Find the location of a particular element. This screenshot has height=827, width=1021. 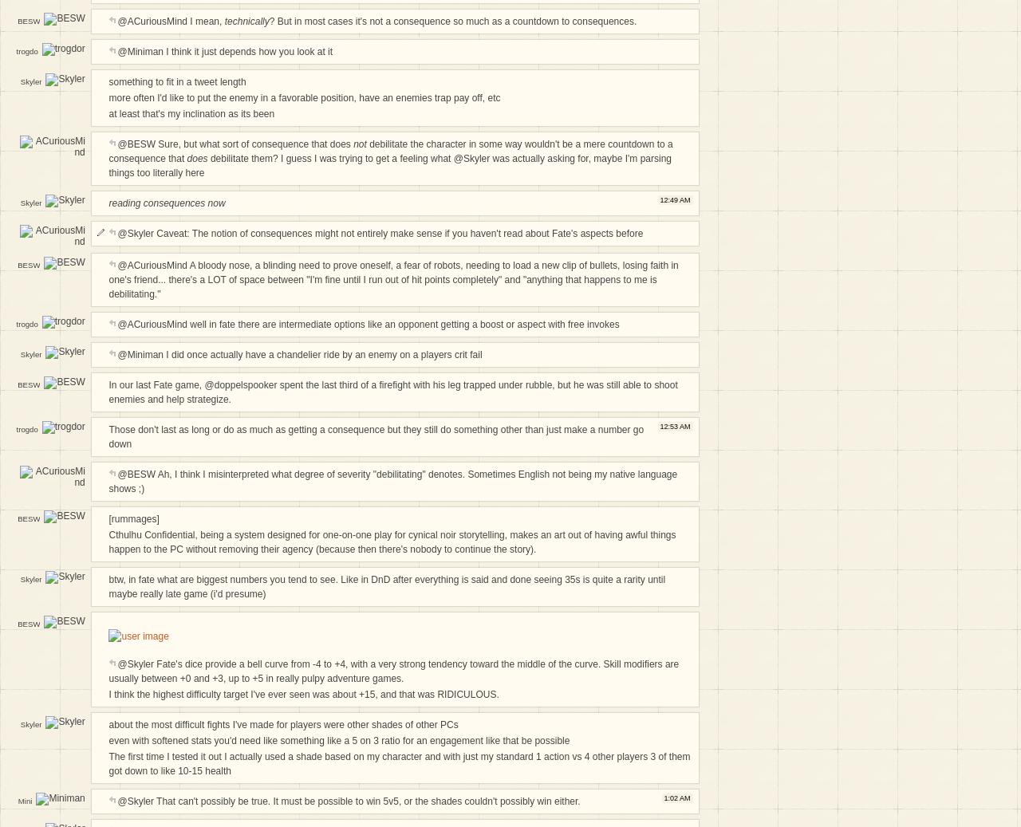

'@ACuriousMind I mean,' is located at coordinates (116, 20).